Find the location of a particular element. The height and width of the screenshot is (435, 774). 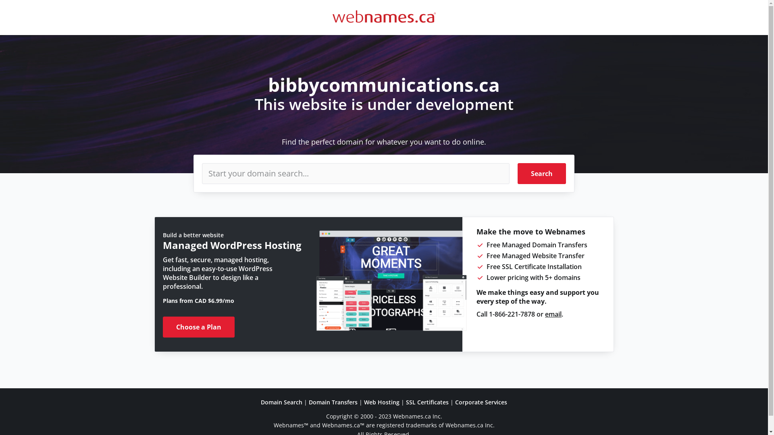

'1-866-221-7878' is located at coordinates (512, 313).